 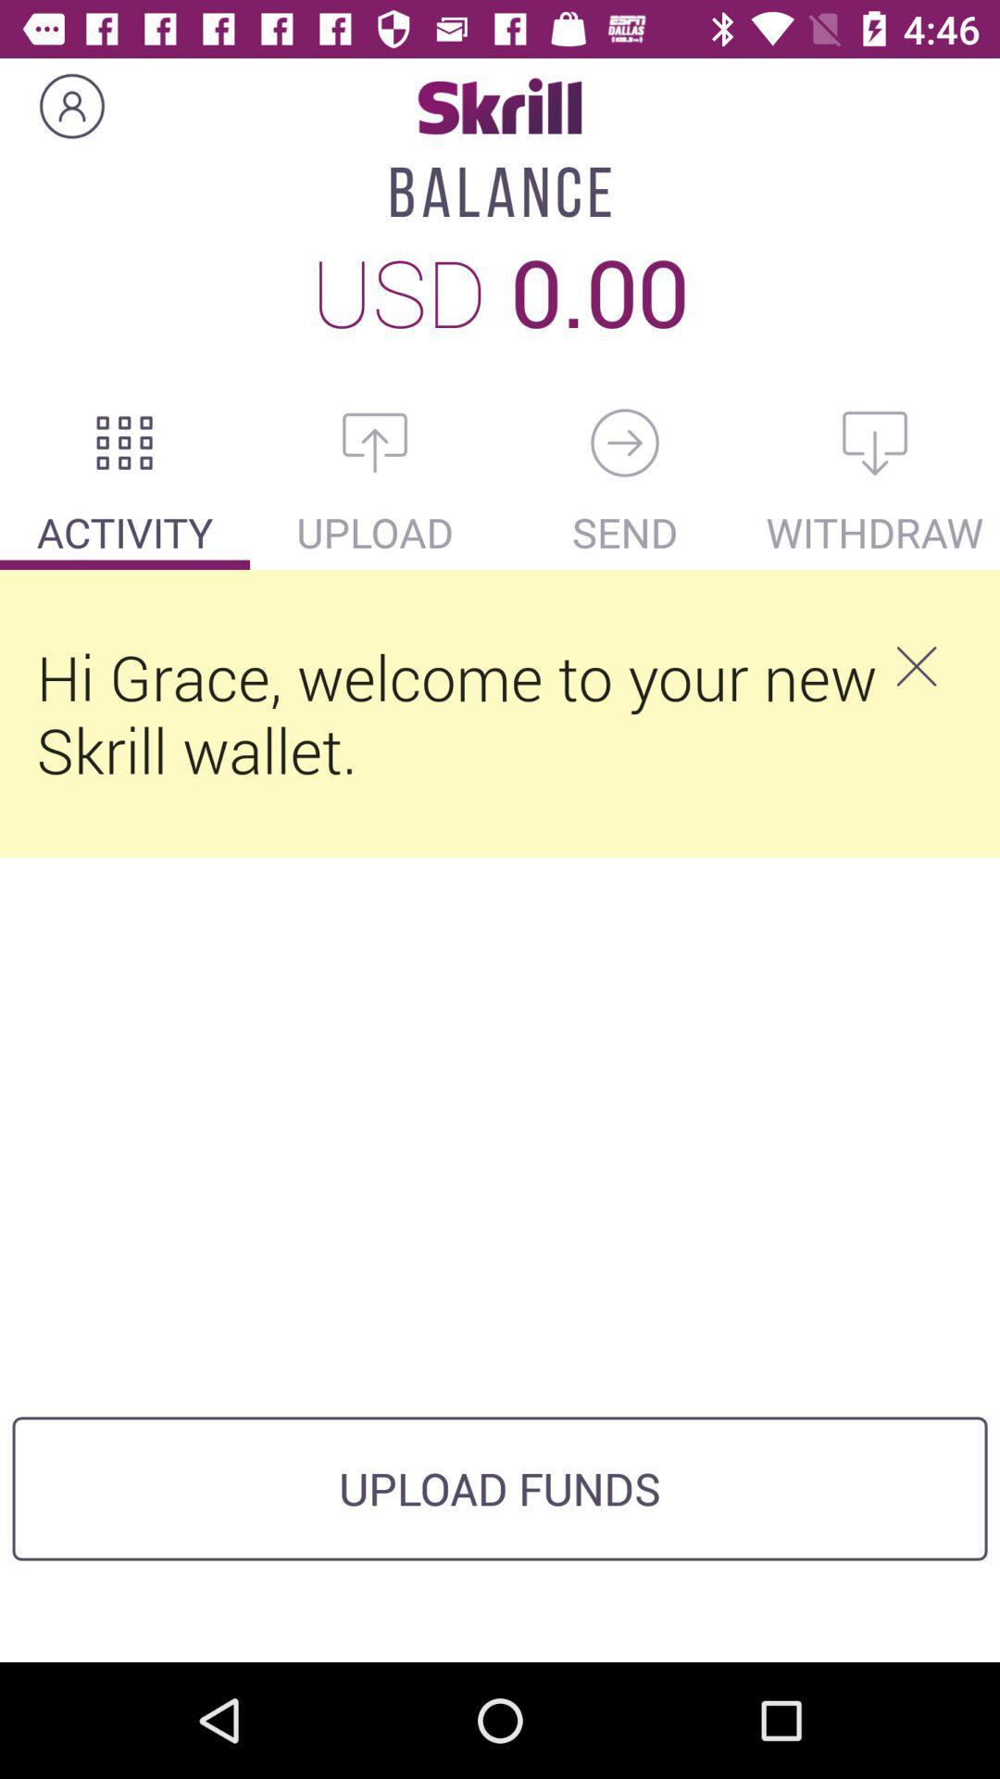 I want to click on the upload funds icon, so click(x=500, y=1488).